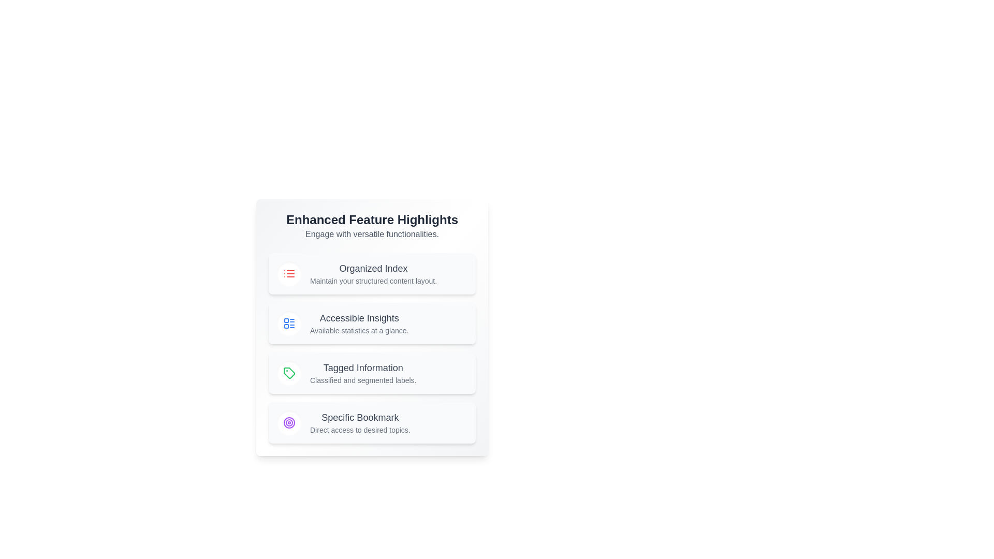  What do you see at coordinates (372, 423) in the screenshot?
I see `the feature item titled 'Specific Bookmark'` at bounding box center [372, 423].